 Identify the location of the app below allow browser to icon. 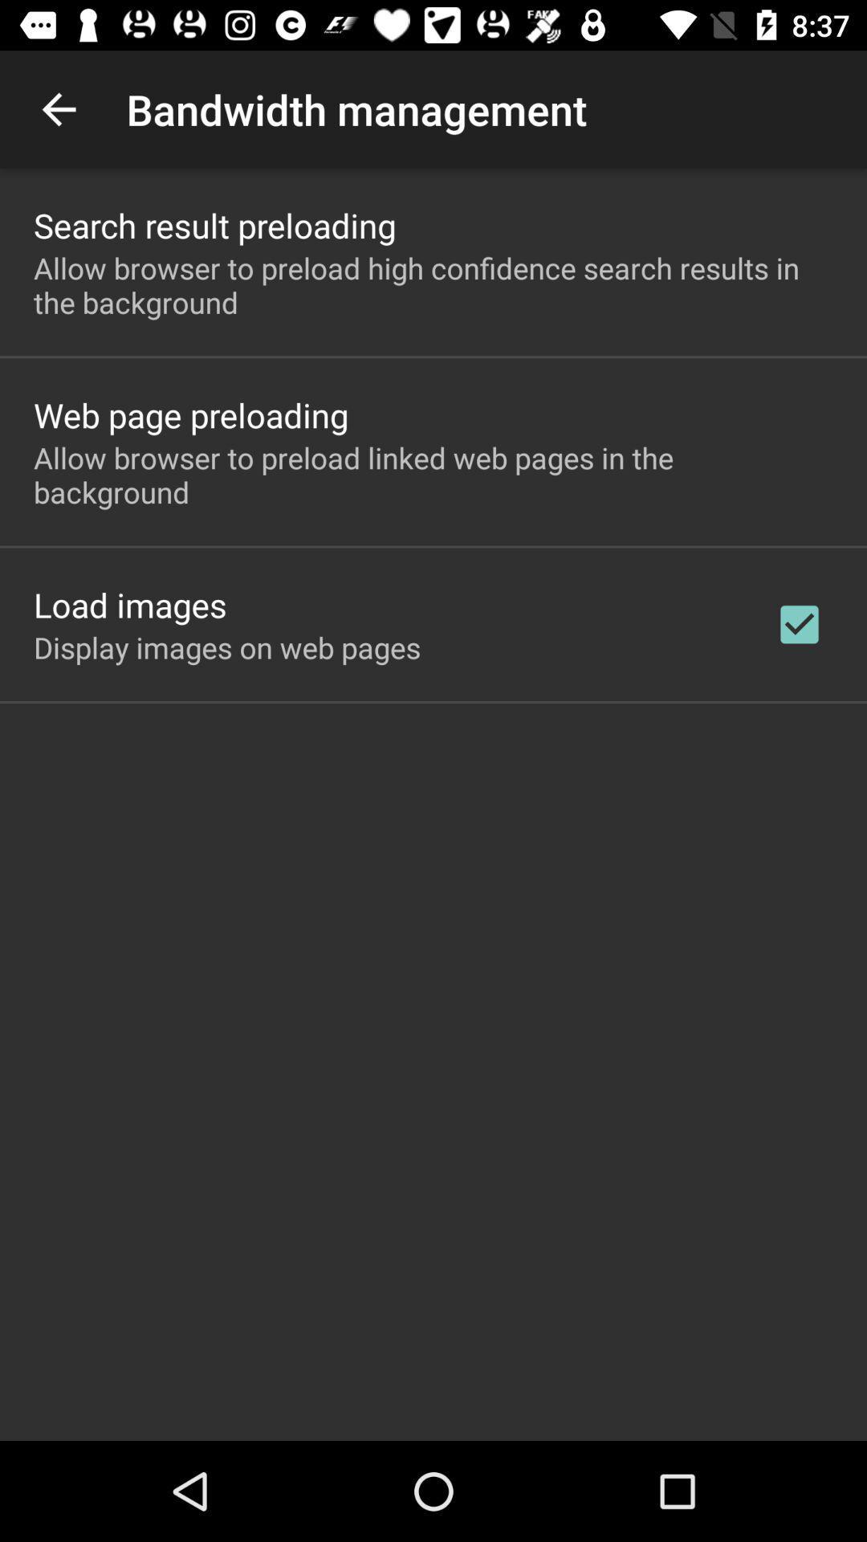
(799, 623).